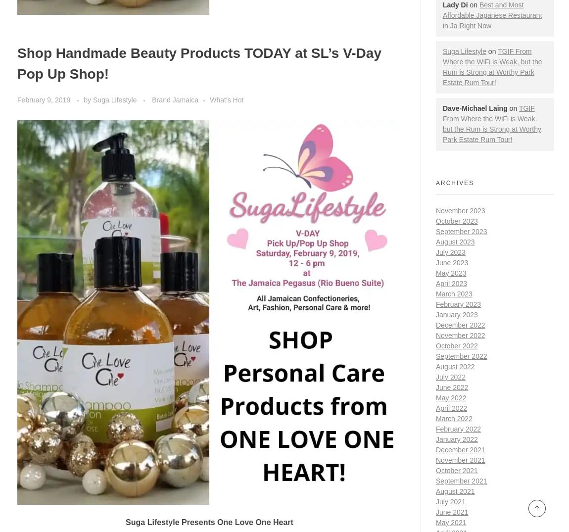 The width and height of the screenshot is (569, 532). Describe the element at coordinates (452, 387) in the screenshot. I see `'June 2022'` at that location.